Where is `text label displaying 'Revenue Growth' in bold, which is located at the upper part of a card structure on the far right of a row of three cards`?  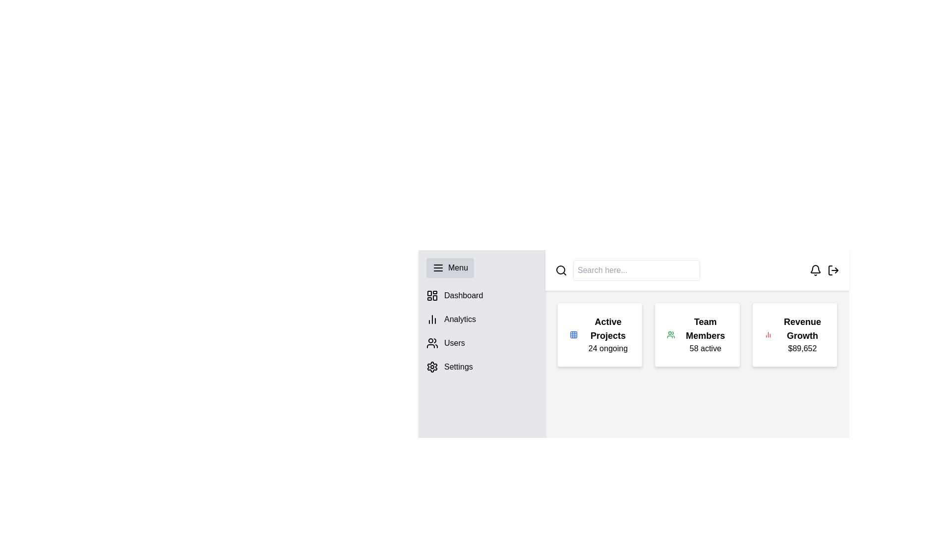 text label displaying 'Revenue Growth' in bold, which is located at the upper part of a card structure on the far right of a row of three cards is located at coordinates (802, 328).